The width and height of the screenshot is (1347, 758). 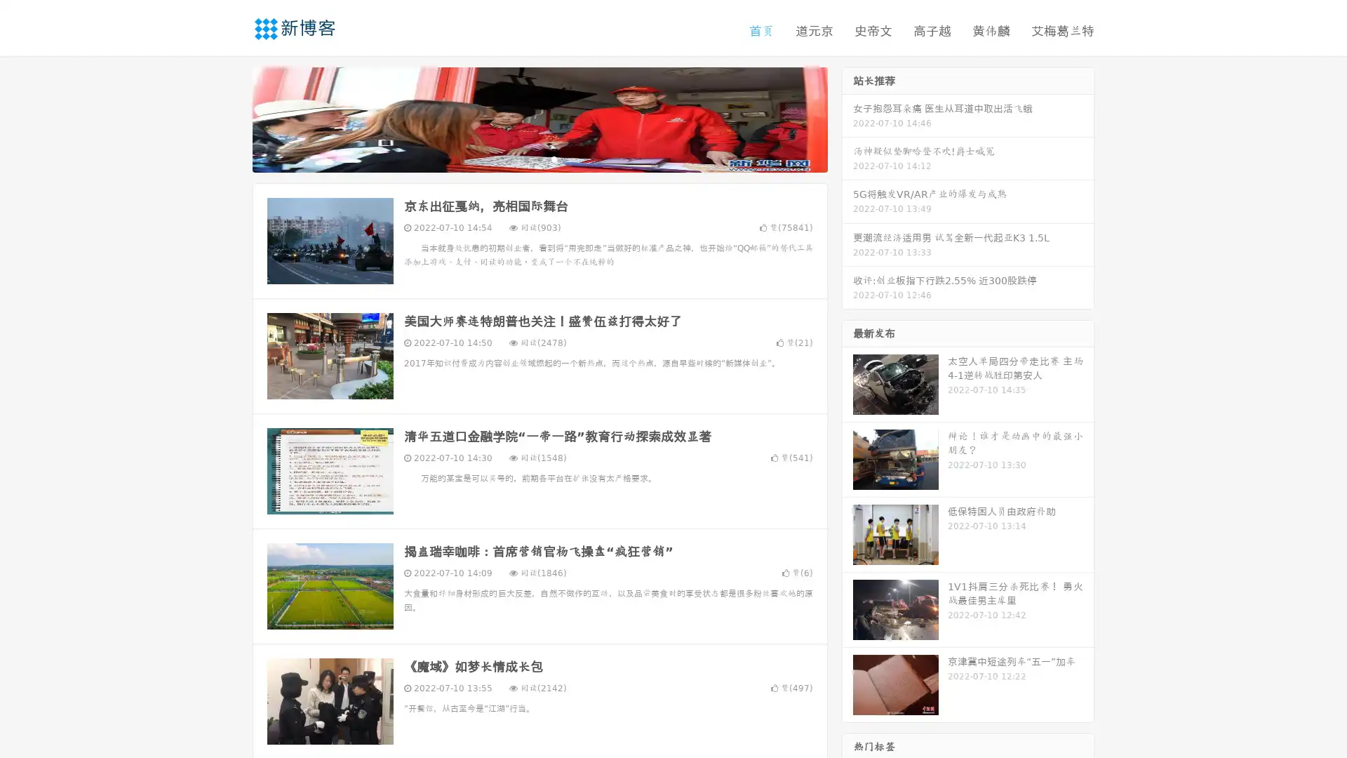 I want to click on Previous slide, so click(x=232, y=118).